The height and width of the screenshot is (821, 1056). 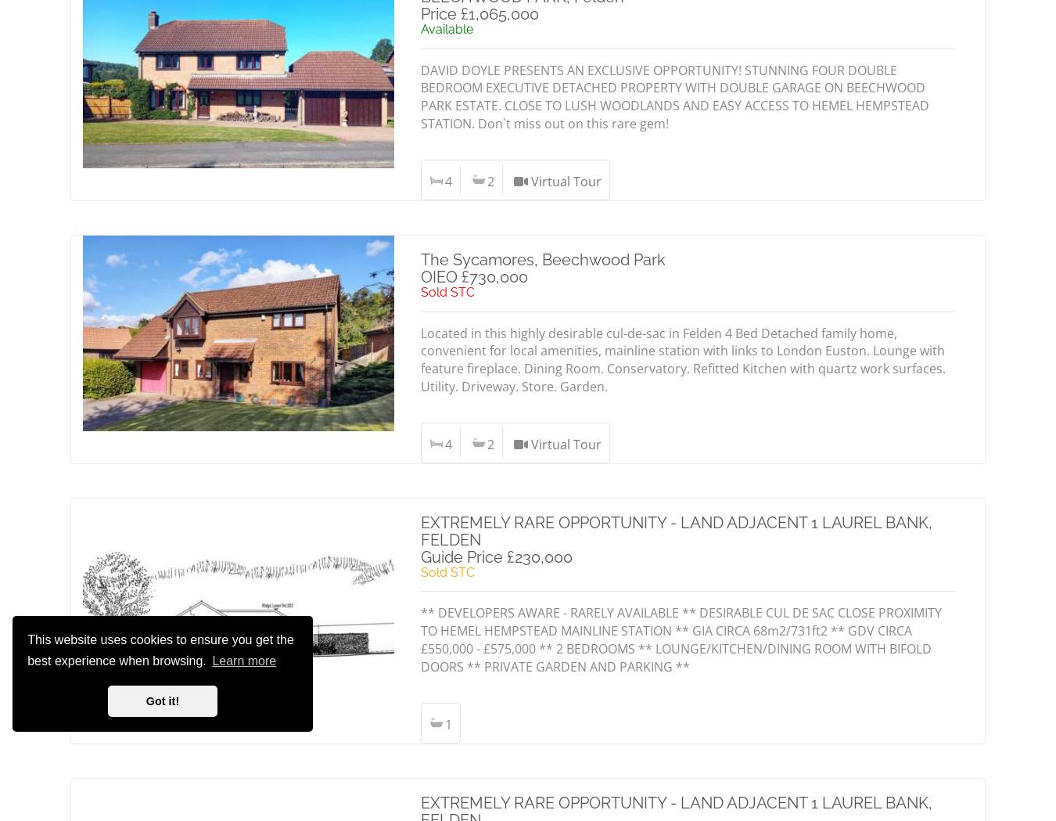 What do you see at coordinates (242, 660) in the screenshot?
I see `'Learn more'` at bounding box center [242, 660].